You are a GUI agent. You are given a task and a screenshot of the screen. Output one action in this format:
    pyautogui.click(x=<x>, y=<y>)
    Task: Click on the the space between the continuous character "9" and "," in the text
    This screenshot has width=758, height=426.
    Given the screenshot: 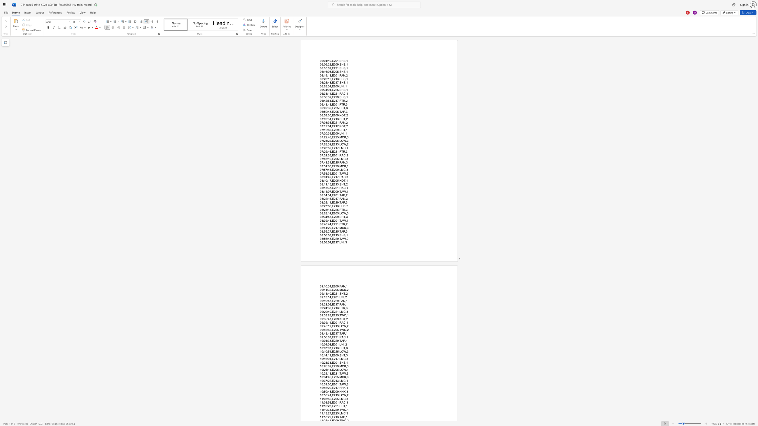 What is the action you would take?
    pyautogui.click(x=338, y=391)
    